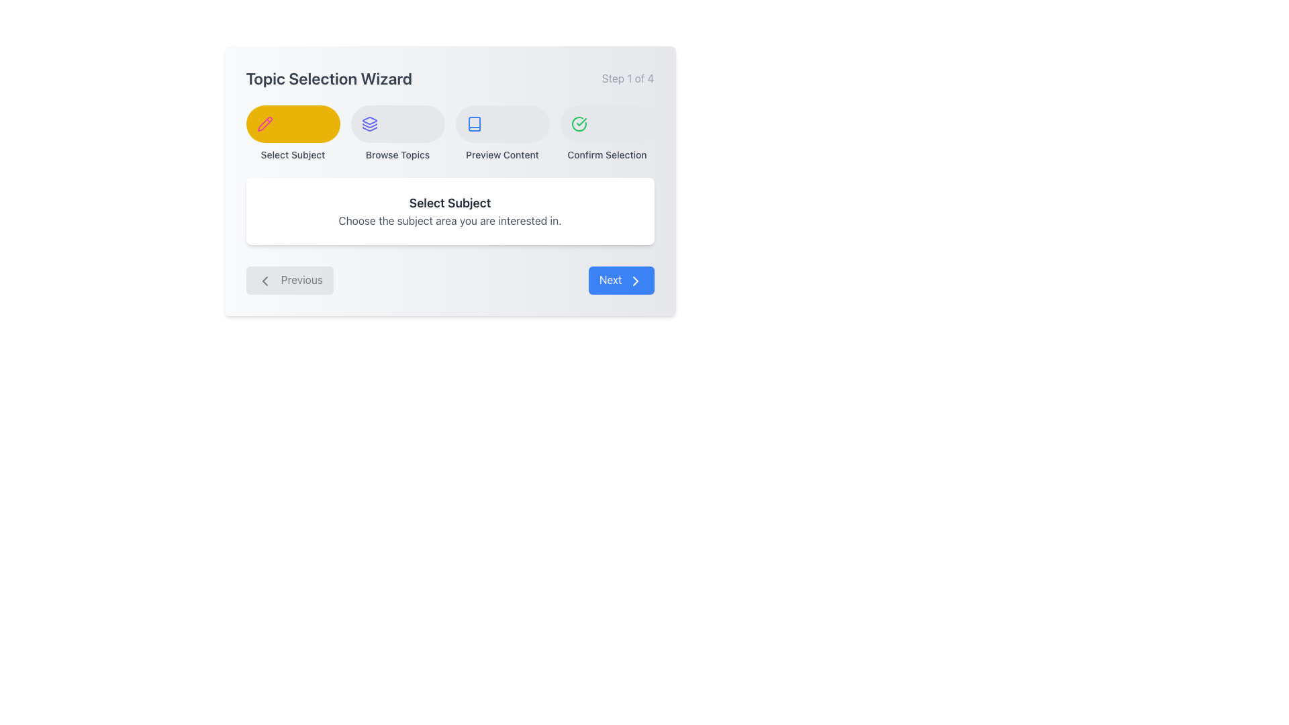 The image size is (1289, 725). Describe the element at coordinates (369, 124) in the screenshot. I see `the navigation icon for 'Browse Topics' located in the top navigation bar, second from the left` at that location.